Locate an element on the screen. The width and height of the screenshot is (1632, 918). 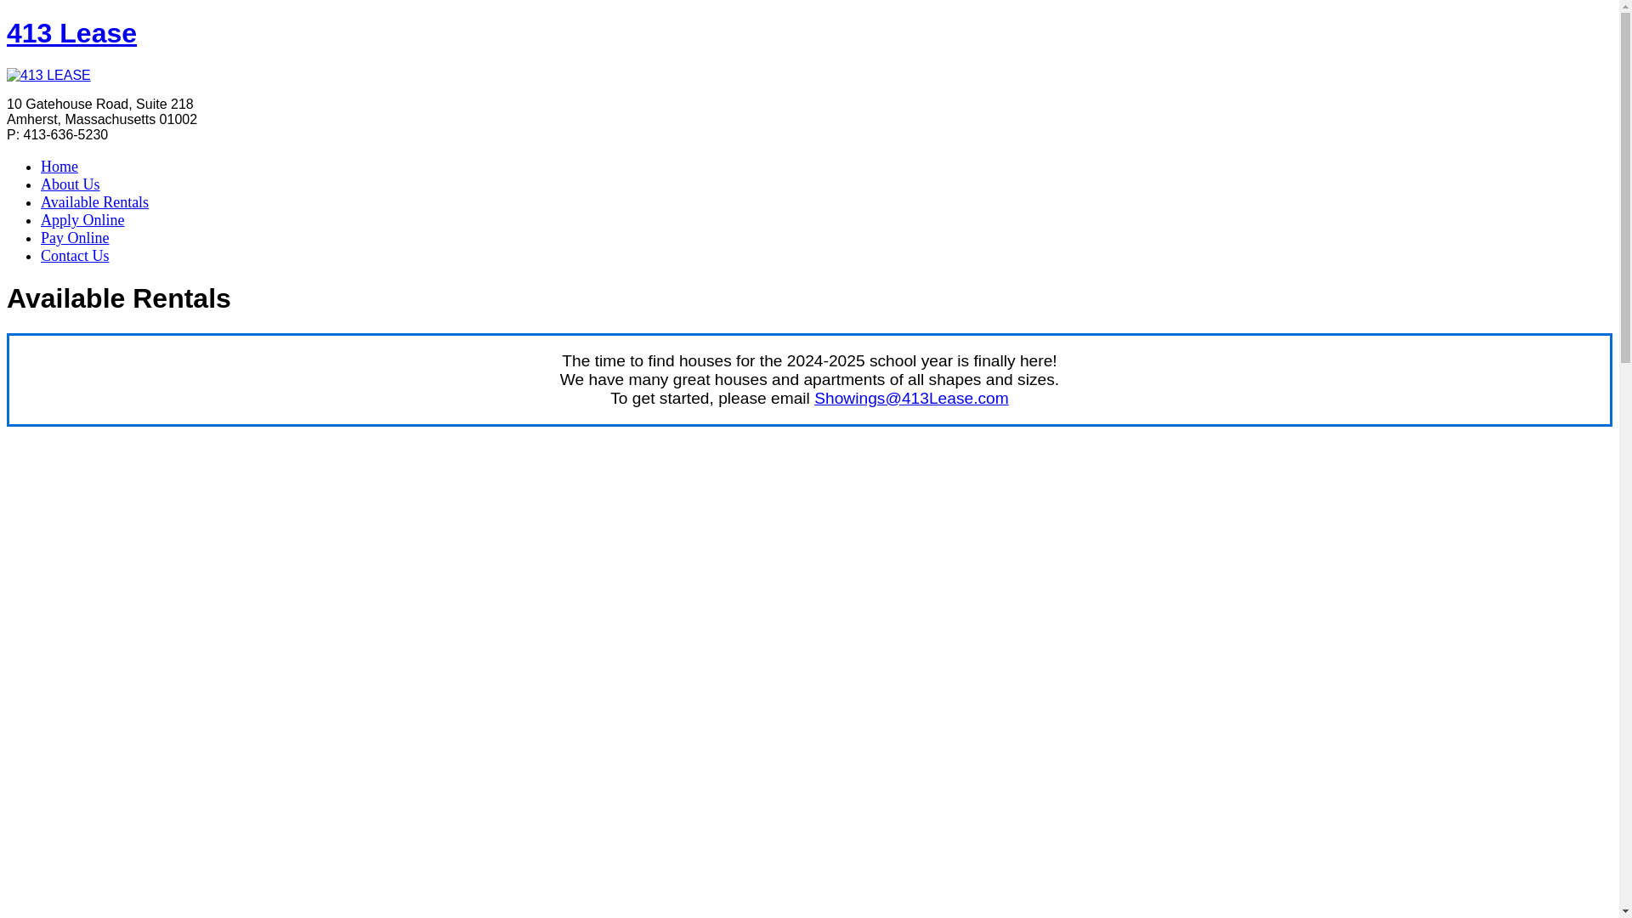
'Available Rentals' is located at coordinates (93, 201).